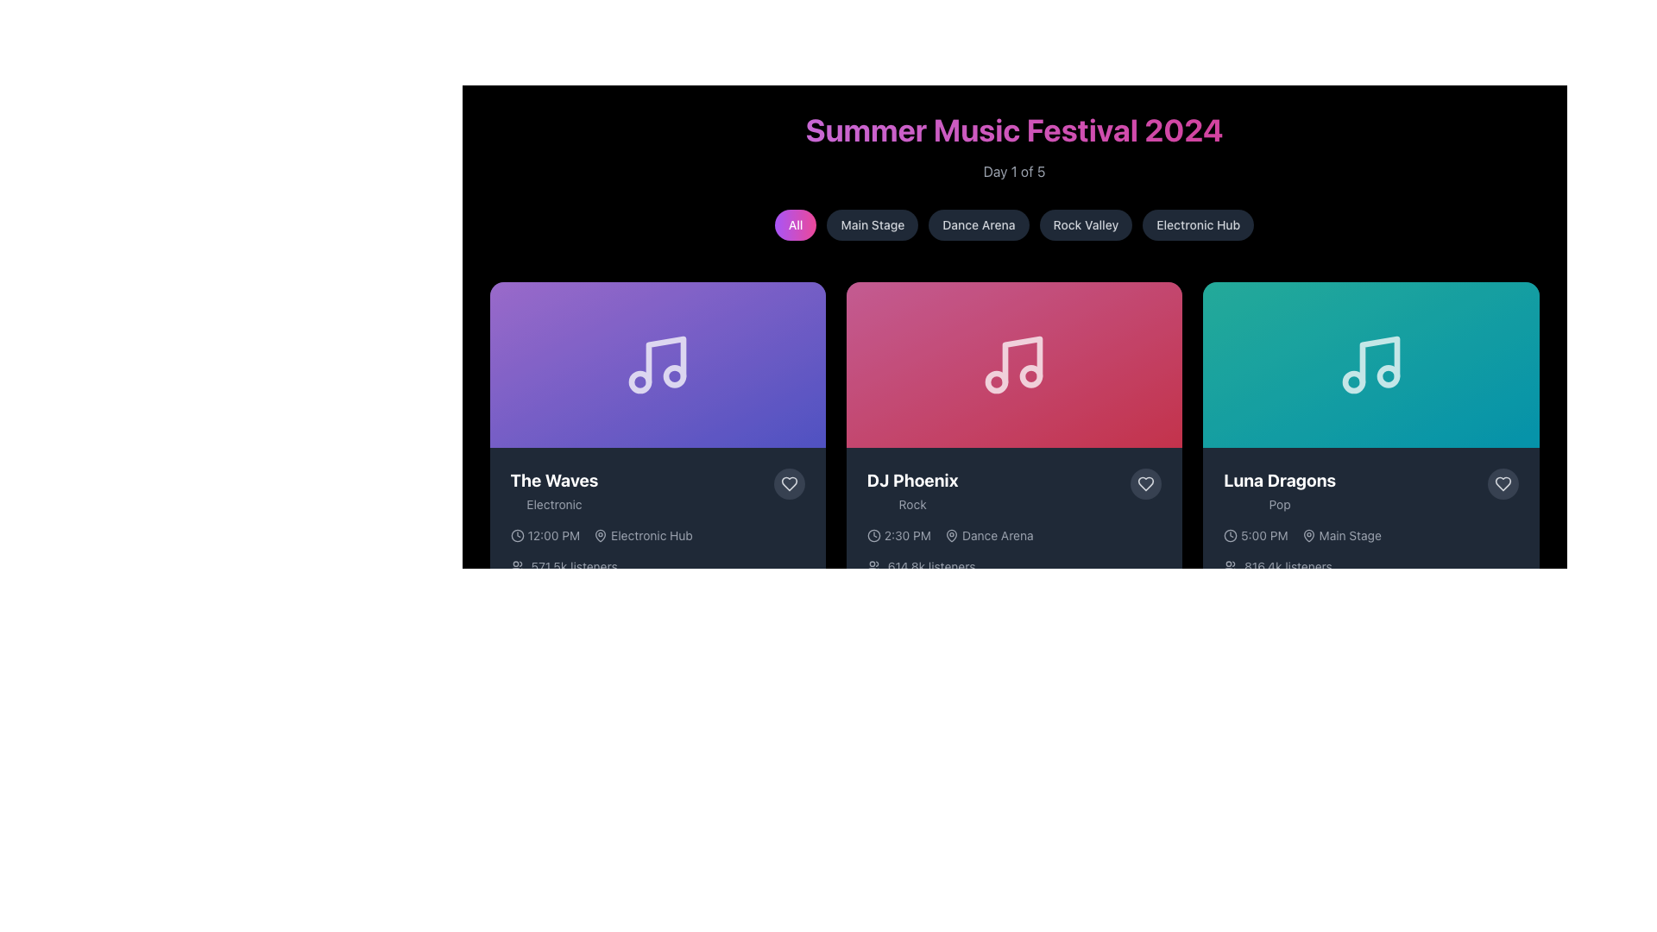 This screenshot has height=932, width=1657. I want to click on the circular graphical shape that is part of the SVG clock icon located in the bottom-right area of the card for 'The Waves' event, so click(516, 535).